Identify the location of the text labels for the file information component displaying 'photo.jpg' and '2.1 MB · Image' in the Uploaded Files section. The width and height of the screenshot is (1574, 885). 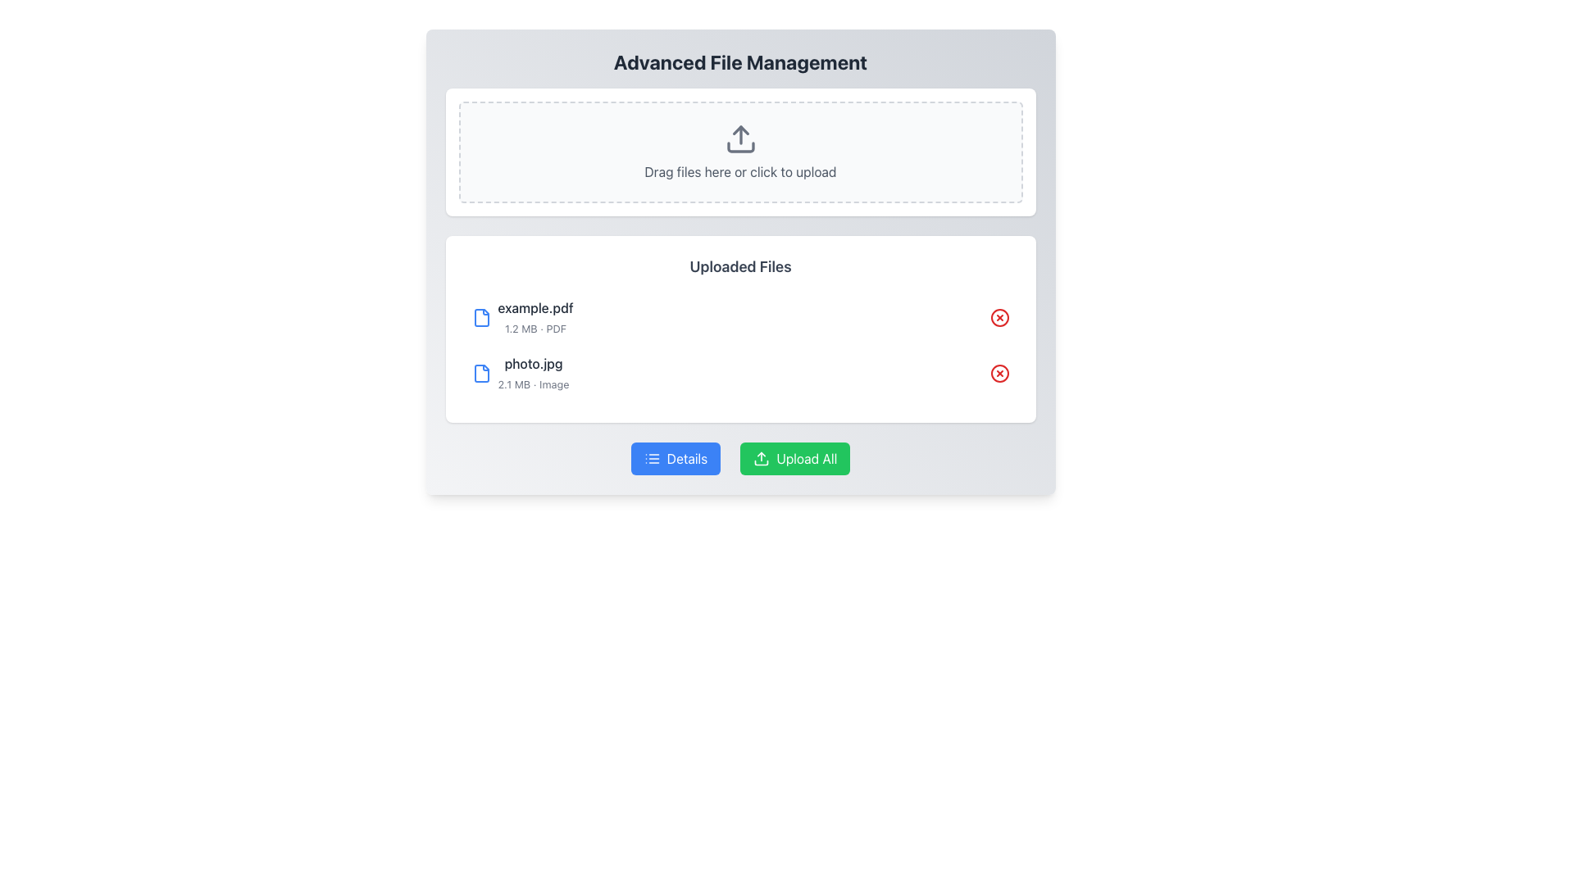
(534, 373).